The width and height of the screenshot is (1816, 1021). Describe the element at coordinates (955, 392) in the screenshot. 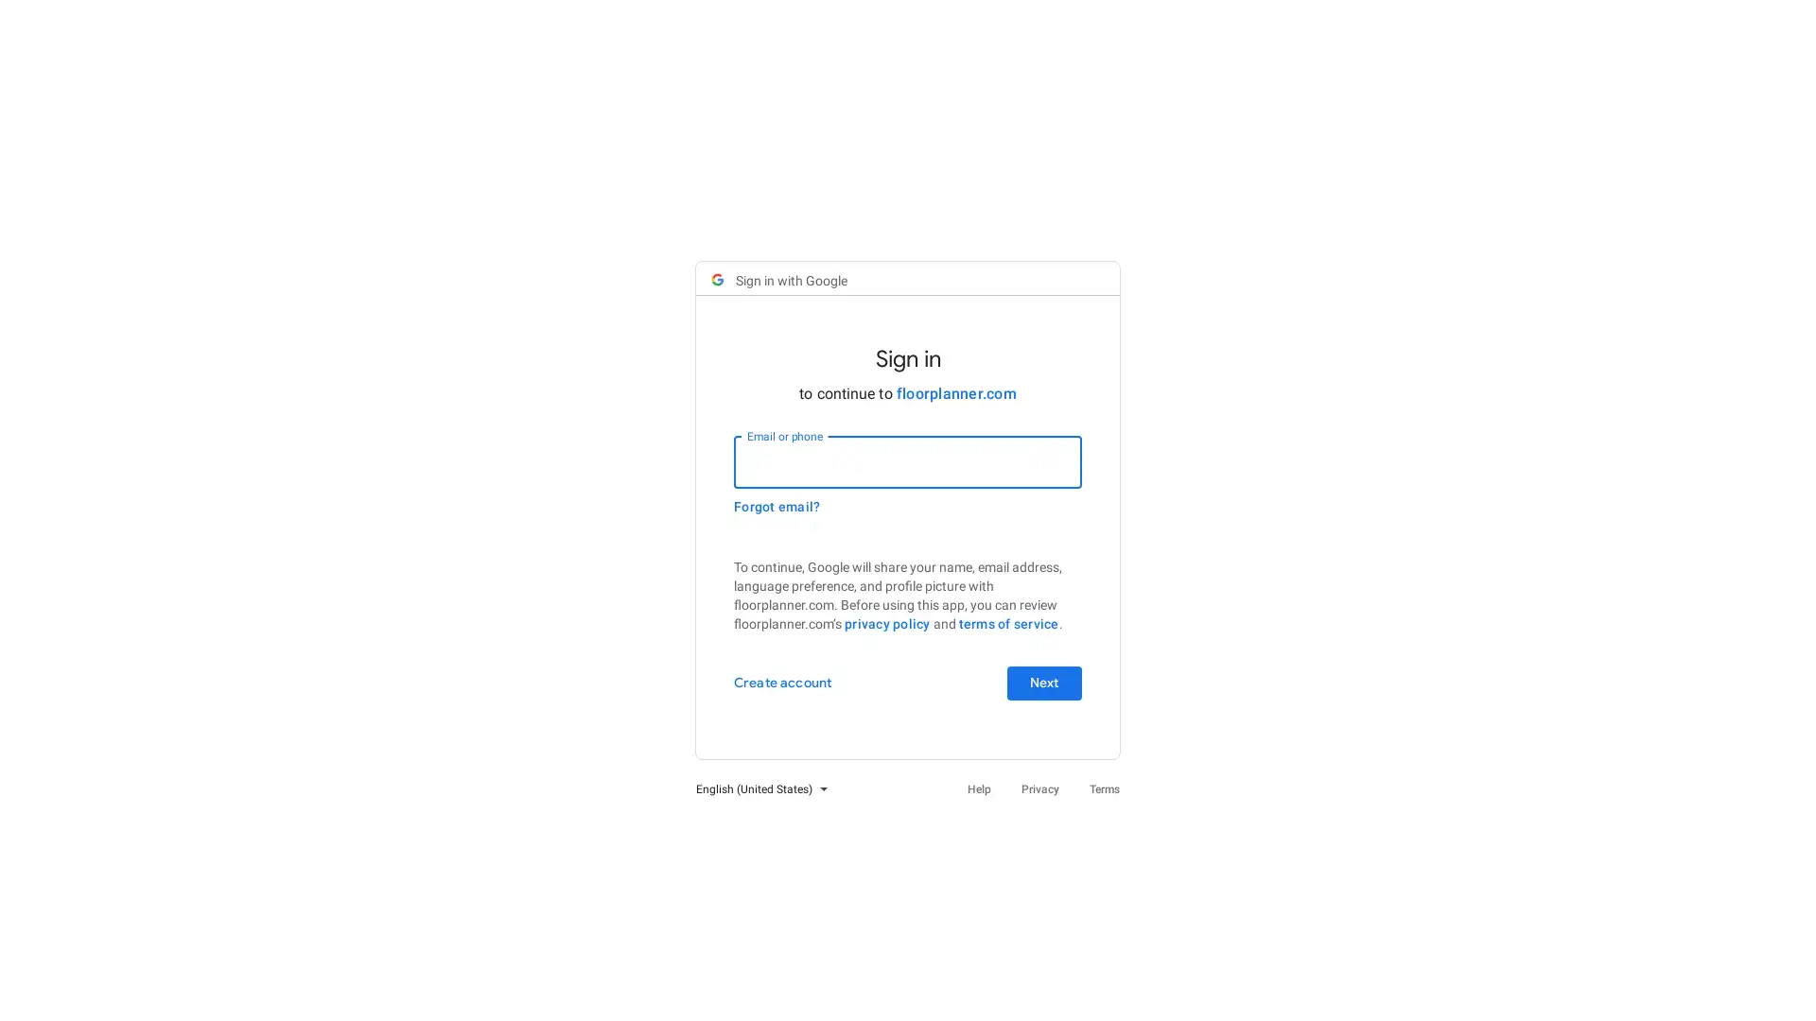

I see `floorplanner.com` at that location.